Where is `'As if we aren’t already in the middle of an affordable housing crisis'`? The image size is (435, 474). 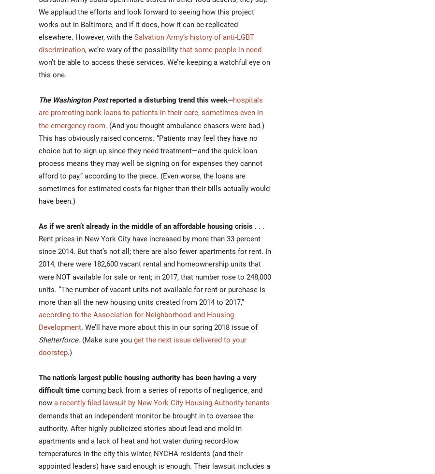
'As if we aren’t already in the middle of an affordable housing crisis' is located at coordinates (145, 226).